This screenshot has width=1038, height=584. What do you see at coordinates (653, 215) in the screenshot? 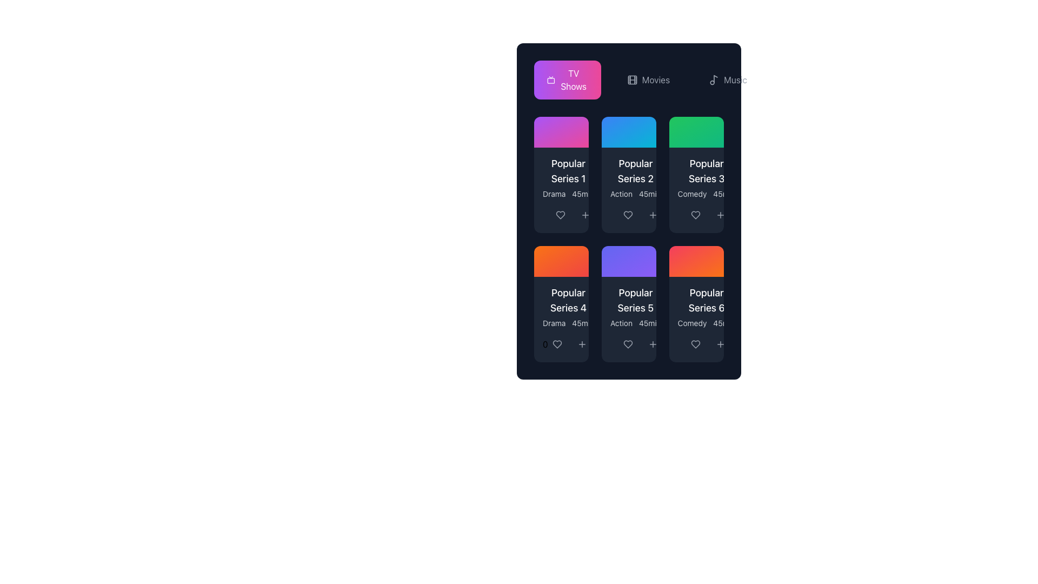
I see `the action trigger button located at the bottom-right corner of the 'Popular Series 2' card near the 'heart' icon` at bounding box center [653, 215].